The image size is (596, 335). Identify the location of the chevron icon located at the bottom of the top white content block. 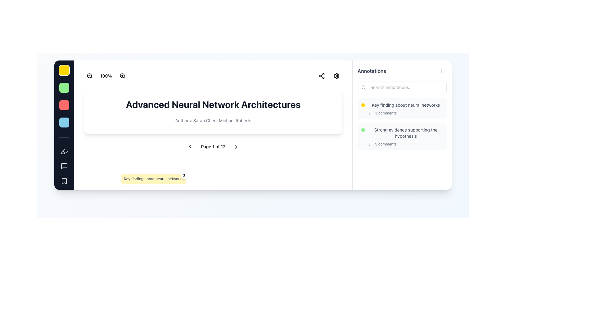
(236, 147).